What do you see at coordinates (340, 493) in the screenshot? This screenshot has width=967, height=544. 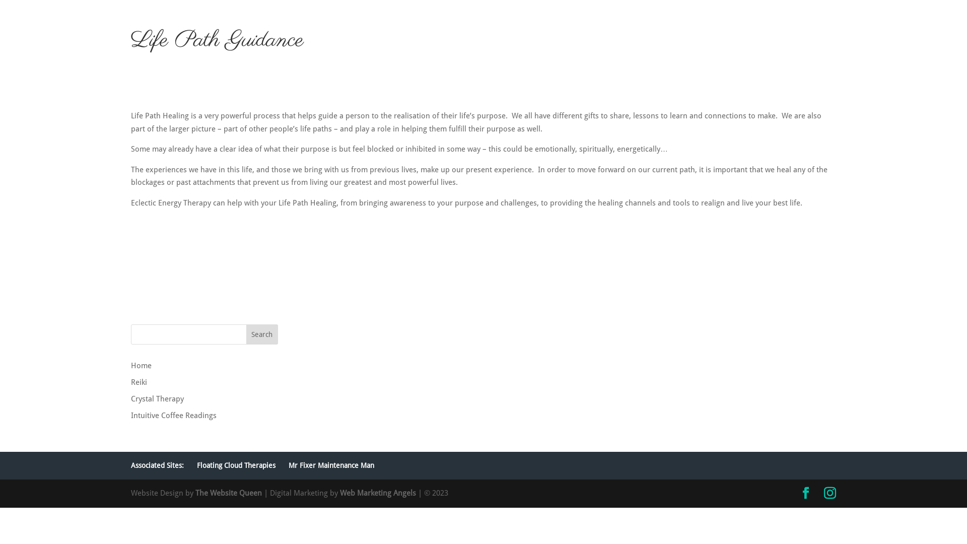 I see `'Web Marketing Angels'` at bounding box center [340, 493].